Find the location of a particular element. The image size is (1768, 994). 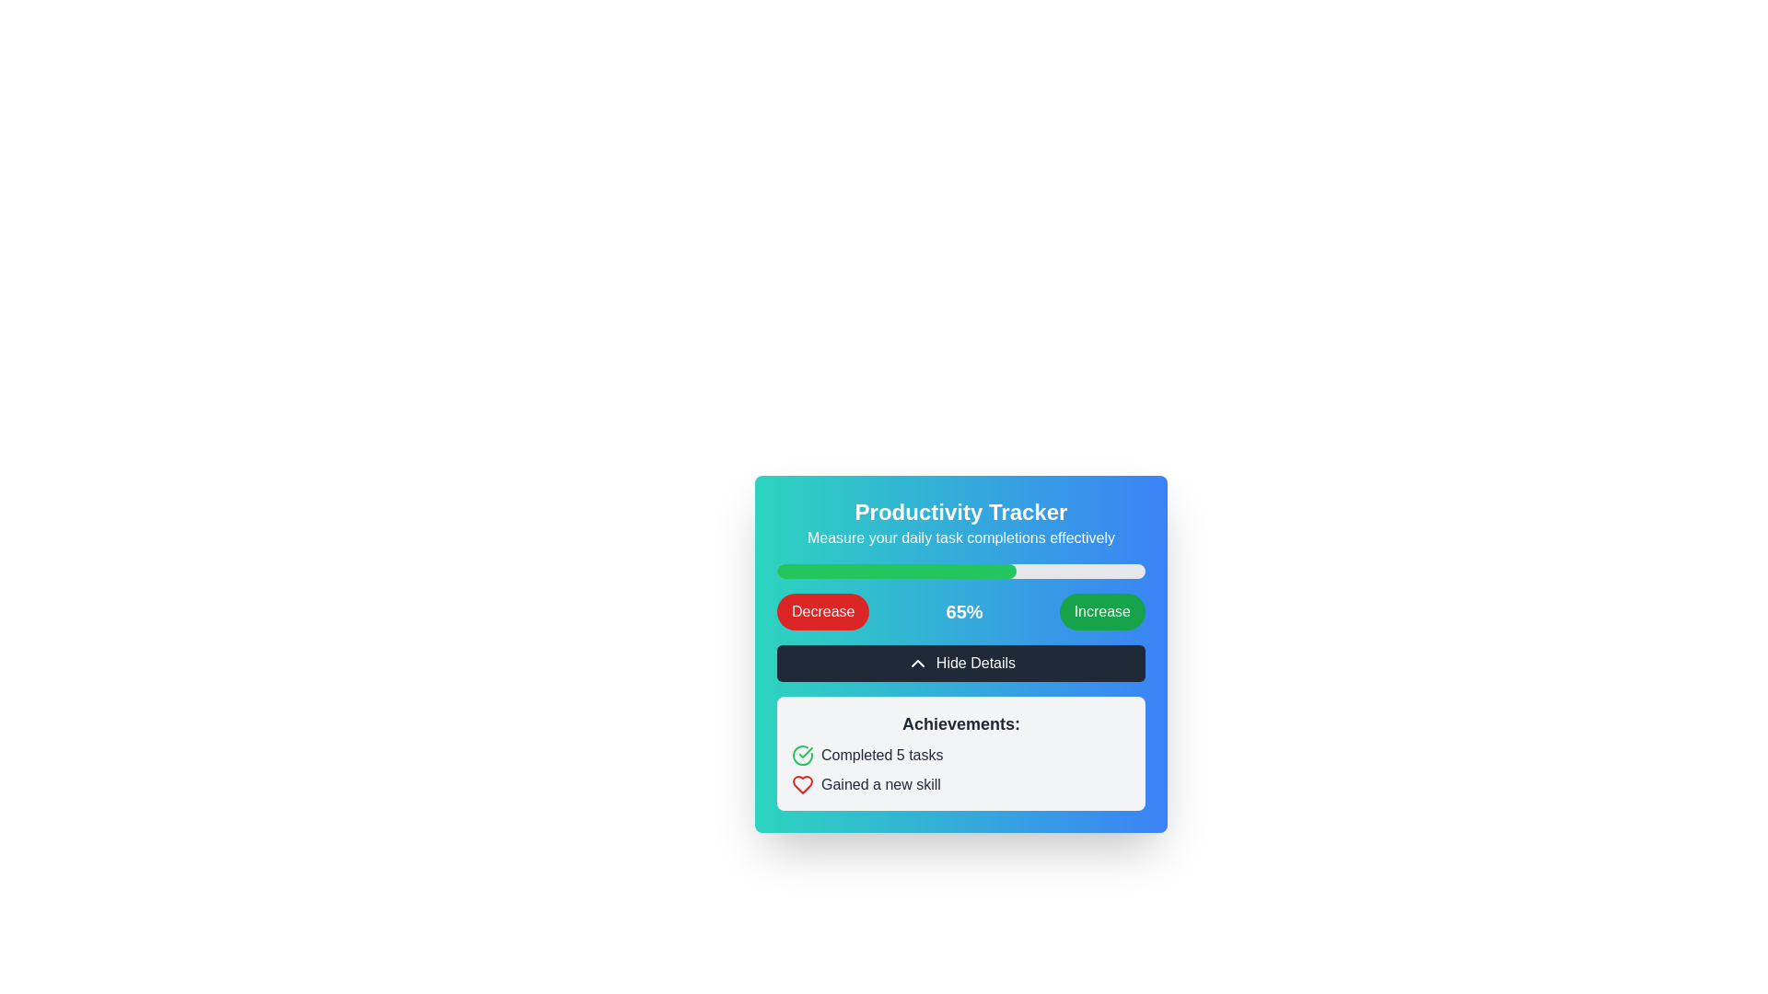

the 'Hide Details' button with a dark gray background and upward-pointing arrow icon is located at coordinates (960, 664).